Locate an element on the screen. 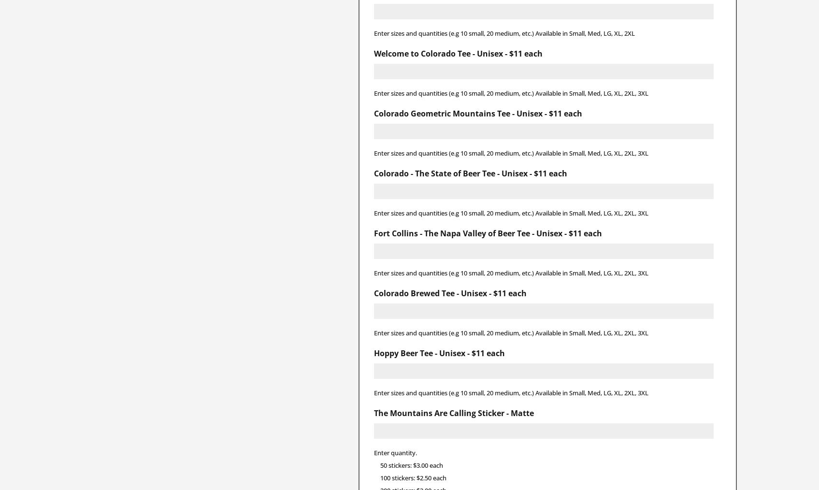  'Colorado Geometric Mountains Tee - Unisex - $11 each' is located at coordinates (477, 113).